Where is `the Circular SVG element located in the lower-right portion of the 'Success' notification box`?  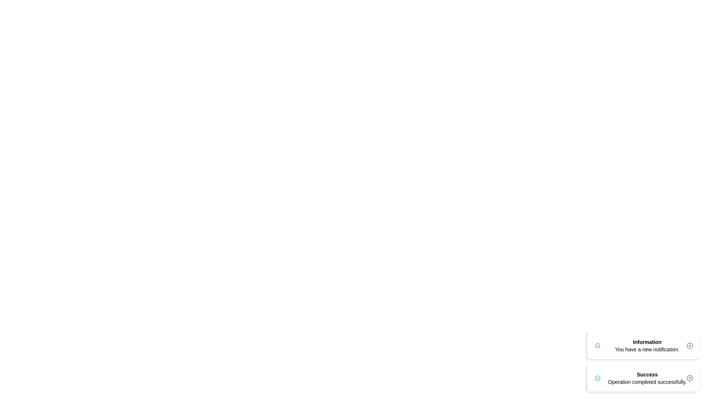
the Circular SVG element located in the lower-right portion of the 'Success' notification box is located at coordinates (689, 378).